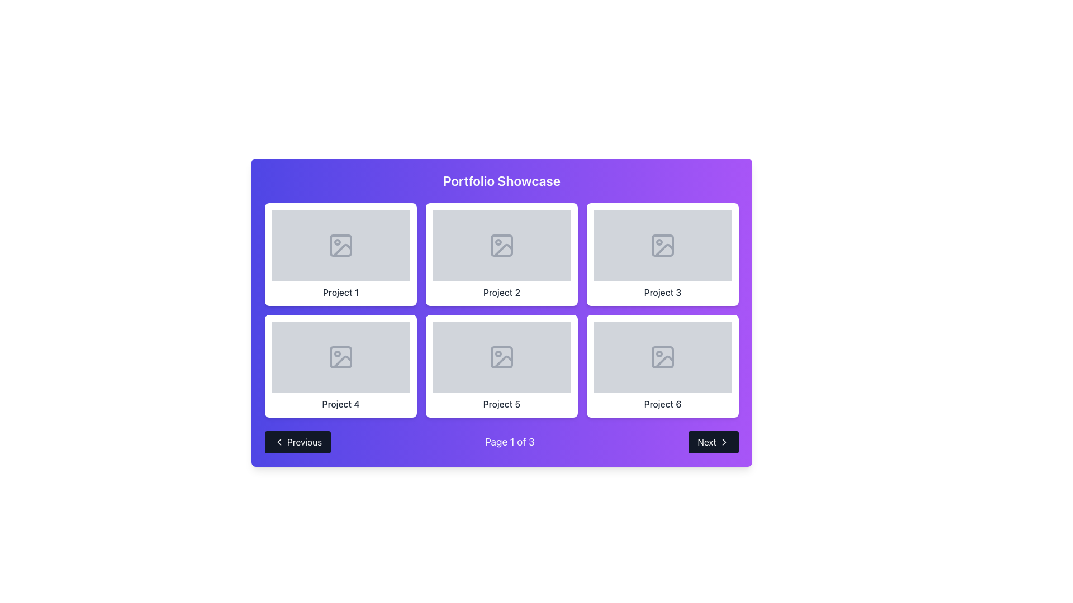 The height and width of the screenshot is (603, 1073). I want to click on the fourth card in the grid with a white background and rounded corners, so click(340, 366).